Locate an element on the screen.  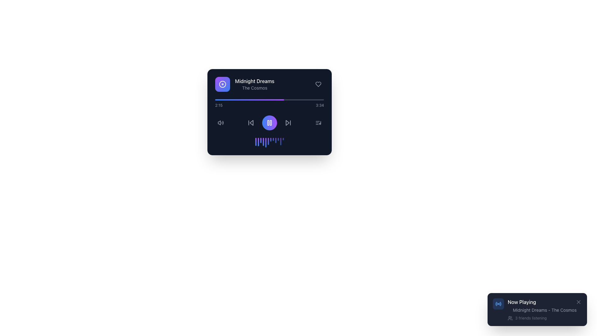
the static visual indicator that represents an audio frequency or waveform, located as the fourth element in a horizontal sequence of vertical bars below the circular play button in the media player interface is located at coordinates (263, 142).